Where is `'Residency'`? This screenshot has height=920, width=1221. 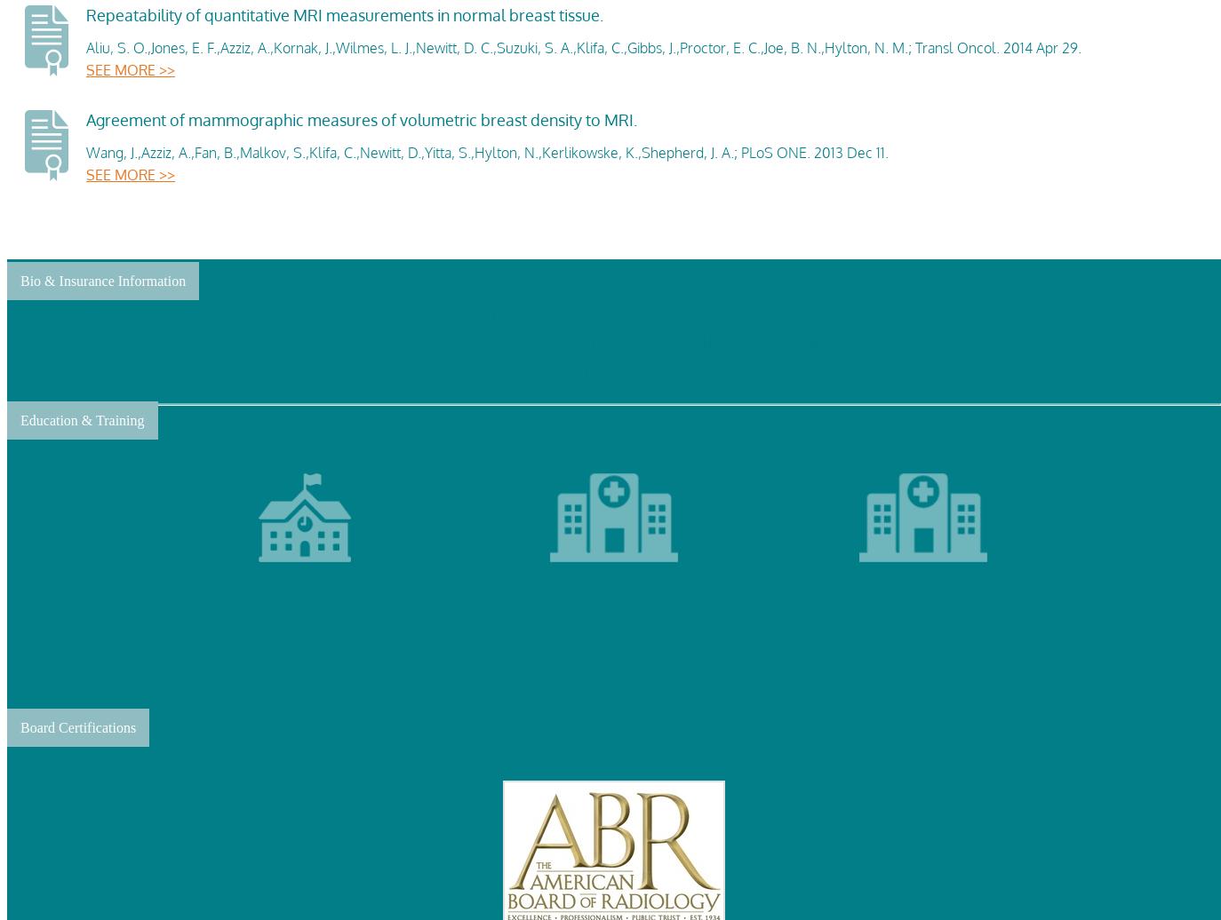 'Residency' is located at coordinates (890, 641).